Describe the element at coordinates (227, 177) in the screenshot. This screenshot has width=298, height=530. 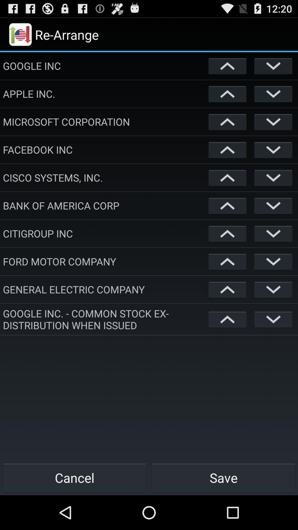
I see `move app up` at that location.